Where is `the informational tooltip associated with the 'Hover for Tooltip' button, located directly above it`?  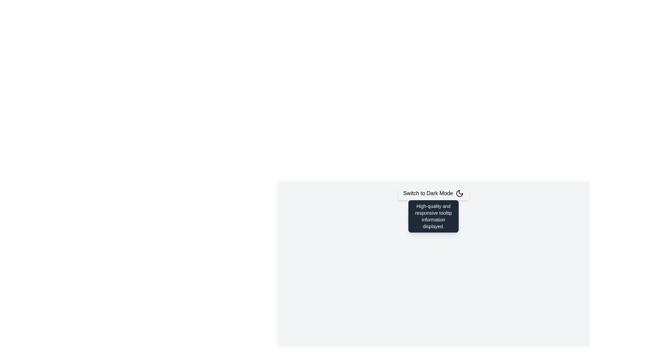 the informational tooltip associated with the 'Hover for Tooltip' button, located directly above it is located at coordinates (433, 217).